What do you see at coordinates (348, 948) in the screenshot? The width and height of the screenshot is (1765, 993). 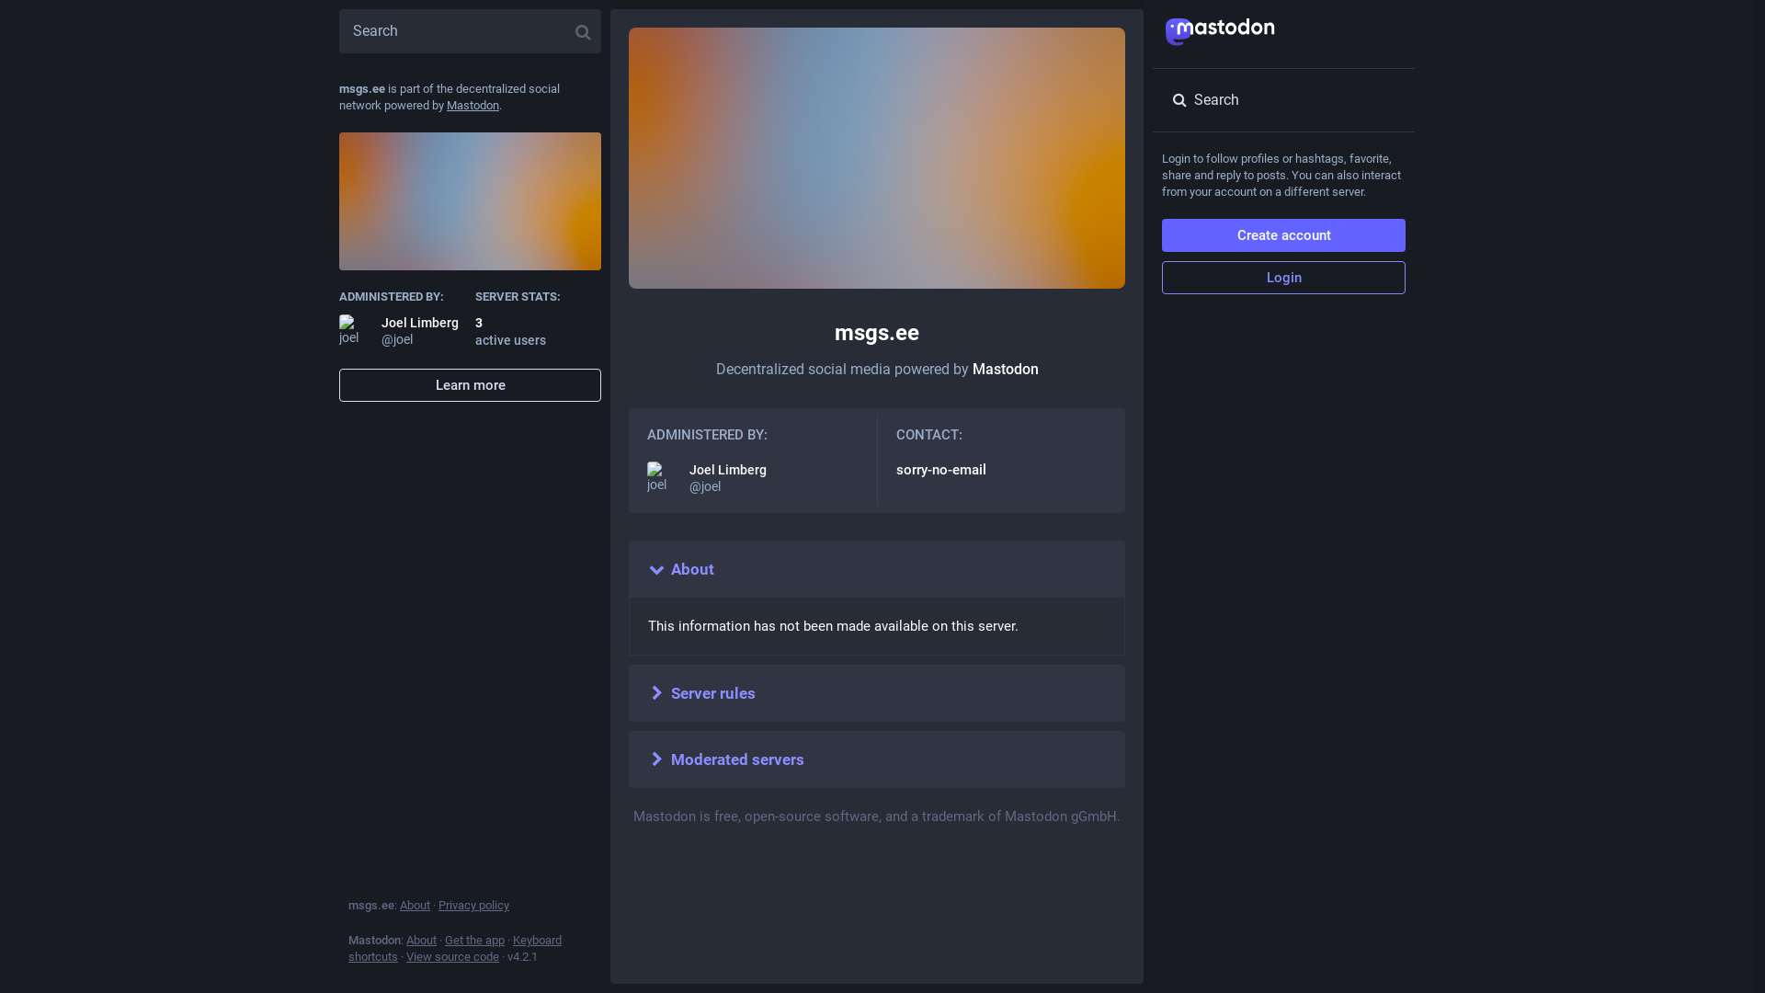 I see `'Keyboard shortcuts'` at bounding box center [348, 948].